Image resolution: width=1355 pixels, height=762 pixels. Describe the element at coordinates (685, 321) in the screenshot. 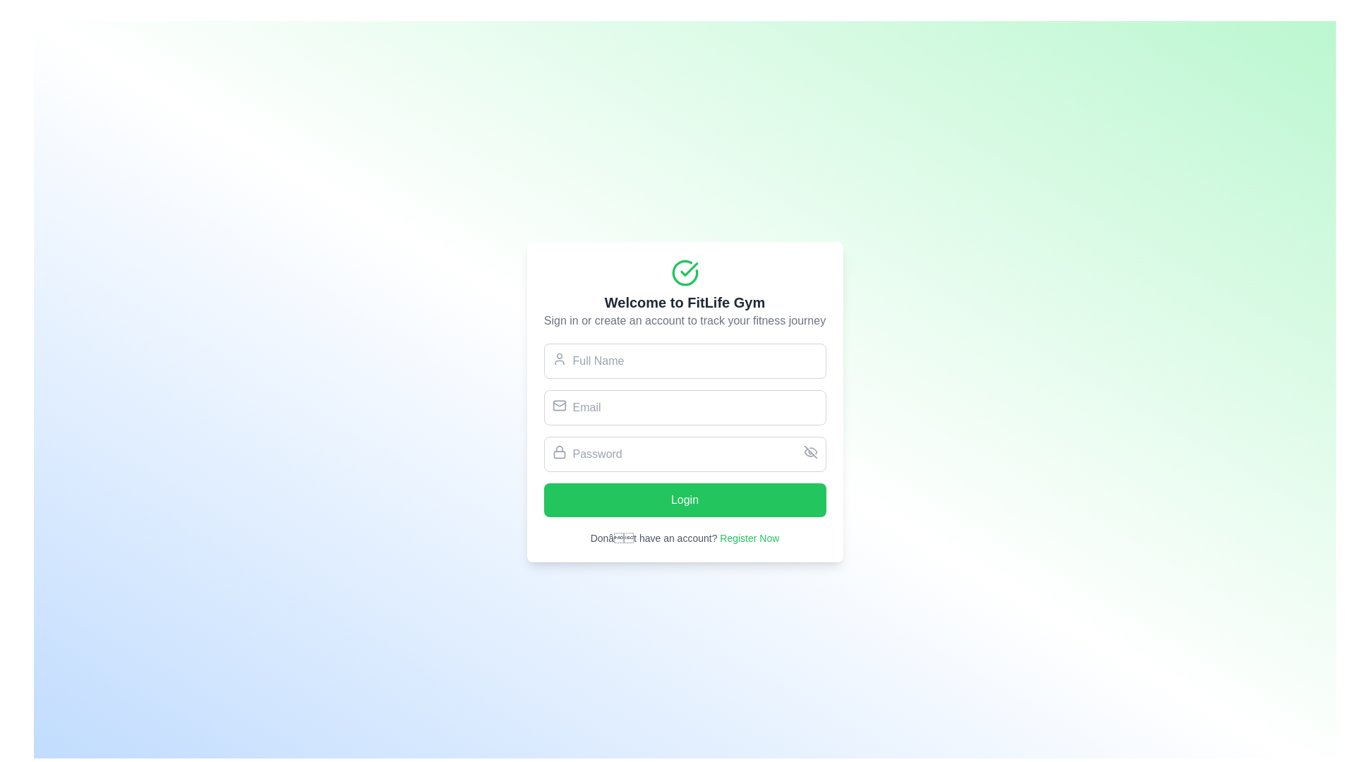

I see `the text element that reads 'Sign in or create an account to track your fitness journey,' which is positioned below the header 'Welcome to FitLife Gym.'` at that location.